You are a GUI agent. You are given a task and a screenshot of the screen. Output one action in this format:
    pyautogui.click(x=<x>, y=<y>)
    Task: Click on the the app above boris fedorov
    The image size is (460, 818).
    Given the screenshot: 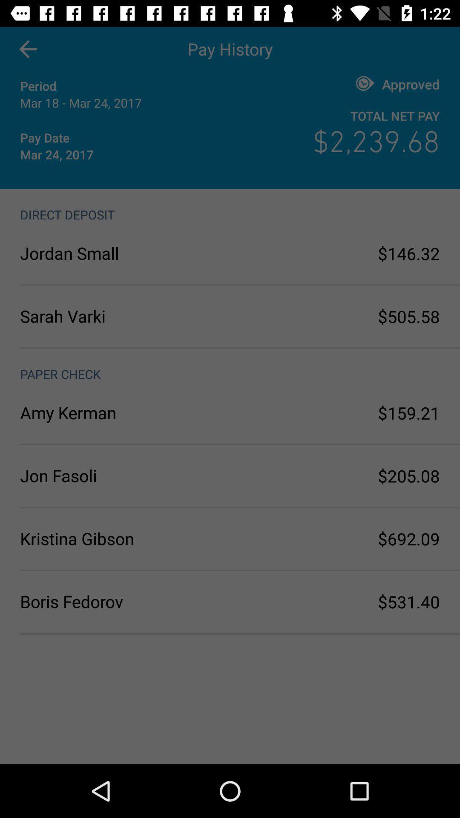 What is the action you would take?
    pyautogui.click(x=125, y=538)
    